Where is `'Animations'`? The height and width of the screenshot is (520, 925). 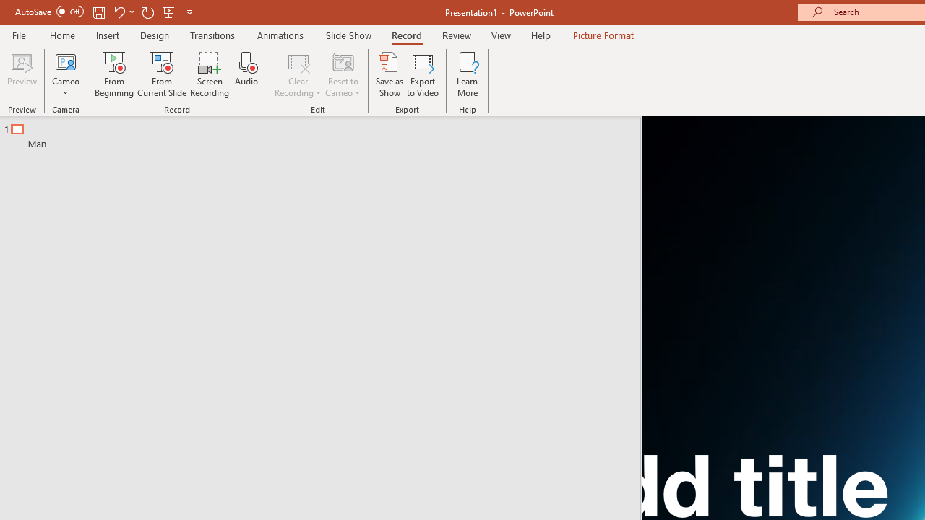
'Animations' is located at coordinates (280, 35).